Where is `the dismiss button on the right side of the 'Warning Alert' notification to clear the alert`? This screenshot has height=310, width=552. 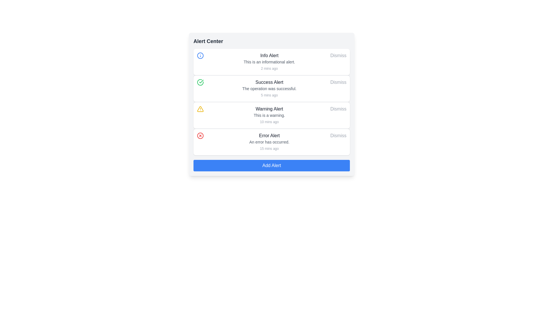 the dismiss button on the right side of the 'Warning Alert' notification to clear the alert is located at coordinates (338, 109).